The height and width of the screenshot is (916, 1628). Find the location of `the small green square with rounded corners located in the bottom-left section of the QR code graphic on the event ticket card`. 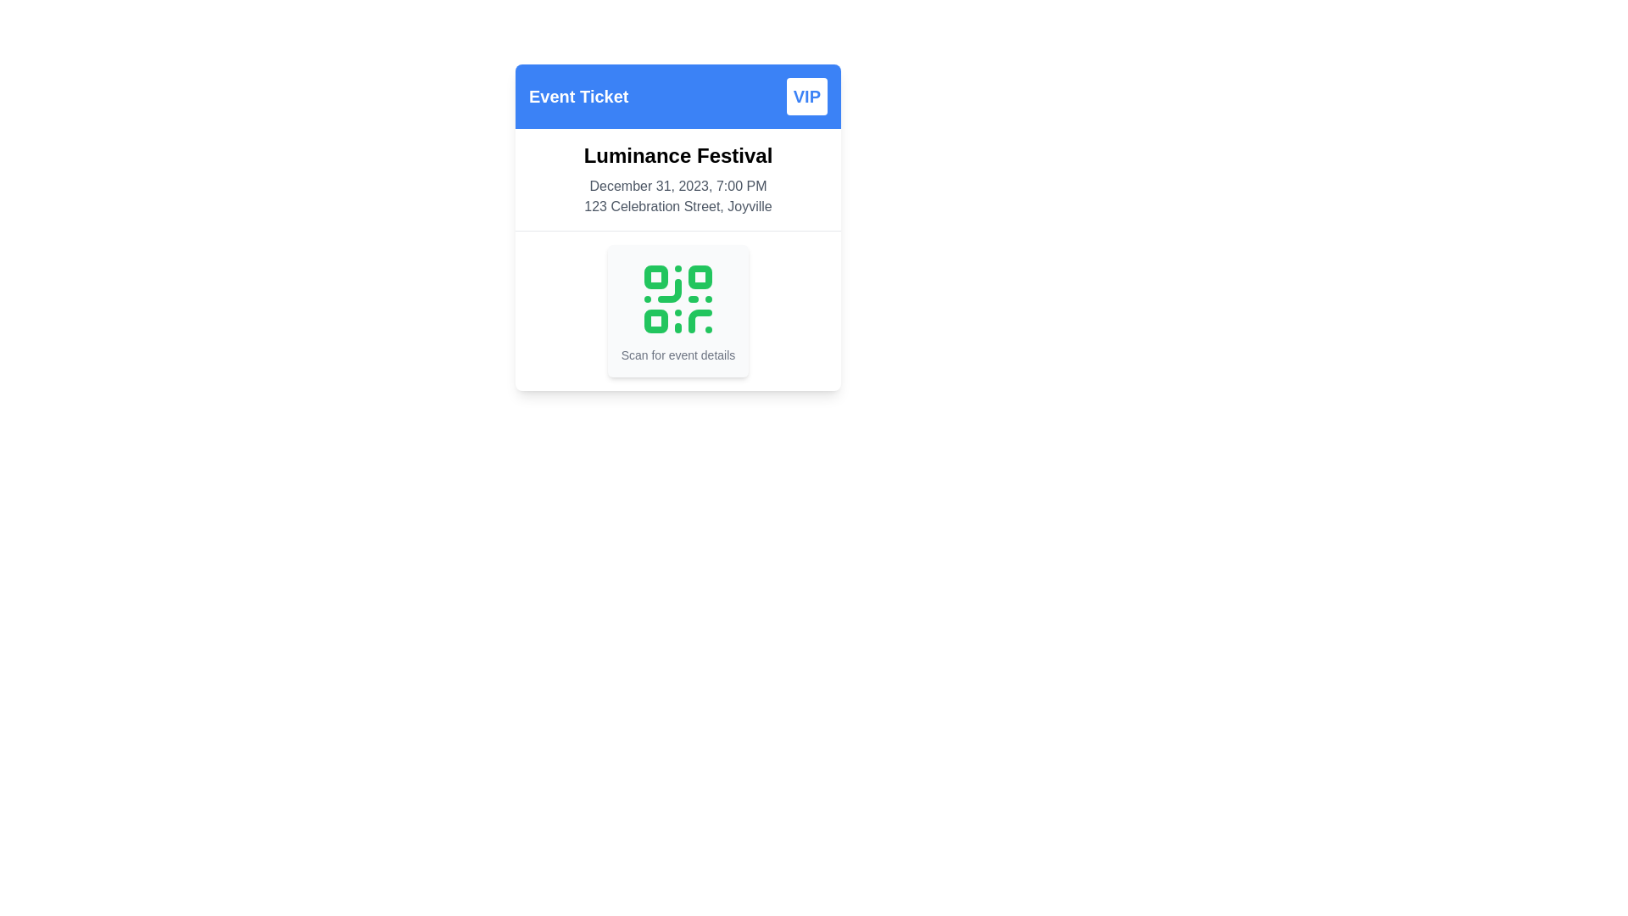

the small green square with rounded corners located in the bottom-left section of the QR code graphic on the event ticket card is located at coordinates (655, 321).